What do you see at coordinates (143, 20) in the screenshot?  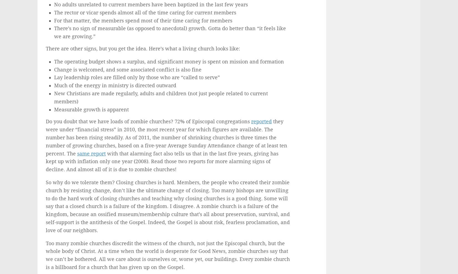 I see `'For that matter, the members spend most of their time caring for members'` at bounding box center [143, 20].